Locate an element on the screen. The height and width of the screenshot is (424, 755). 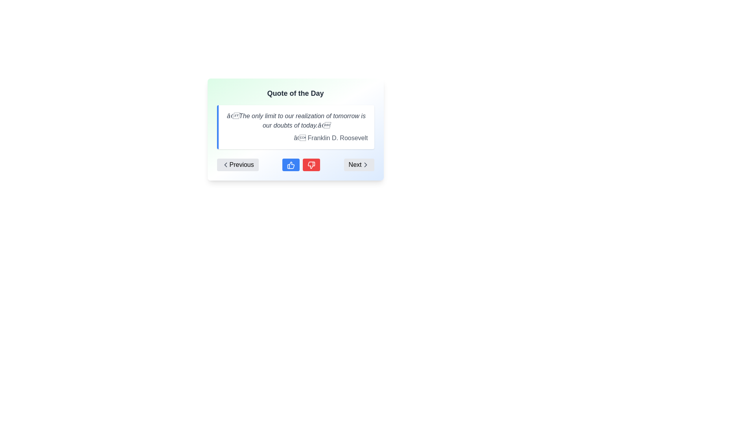
the thumbs-up icon with a blue background, which is centrally located within the second button from the left in the row below the displayed text, to like or agree is located at coordinates (291, 164).